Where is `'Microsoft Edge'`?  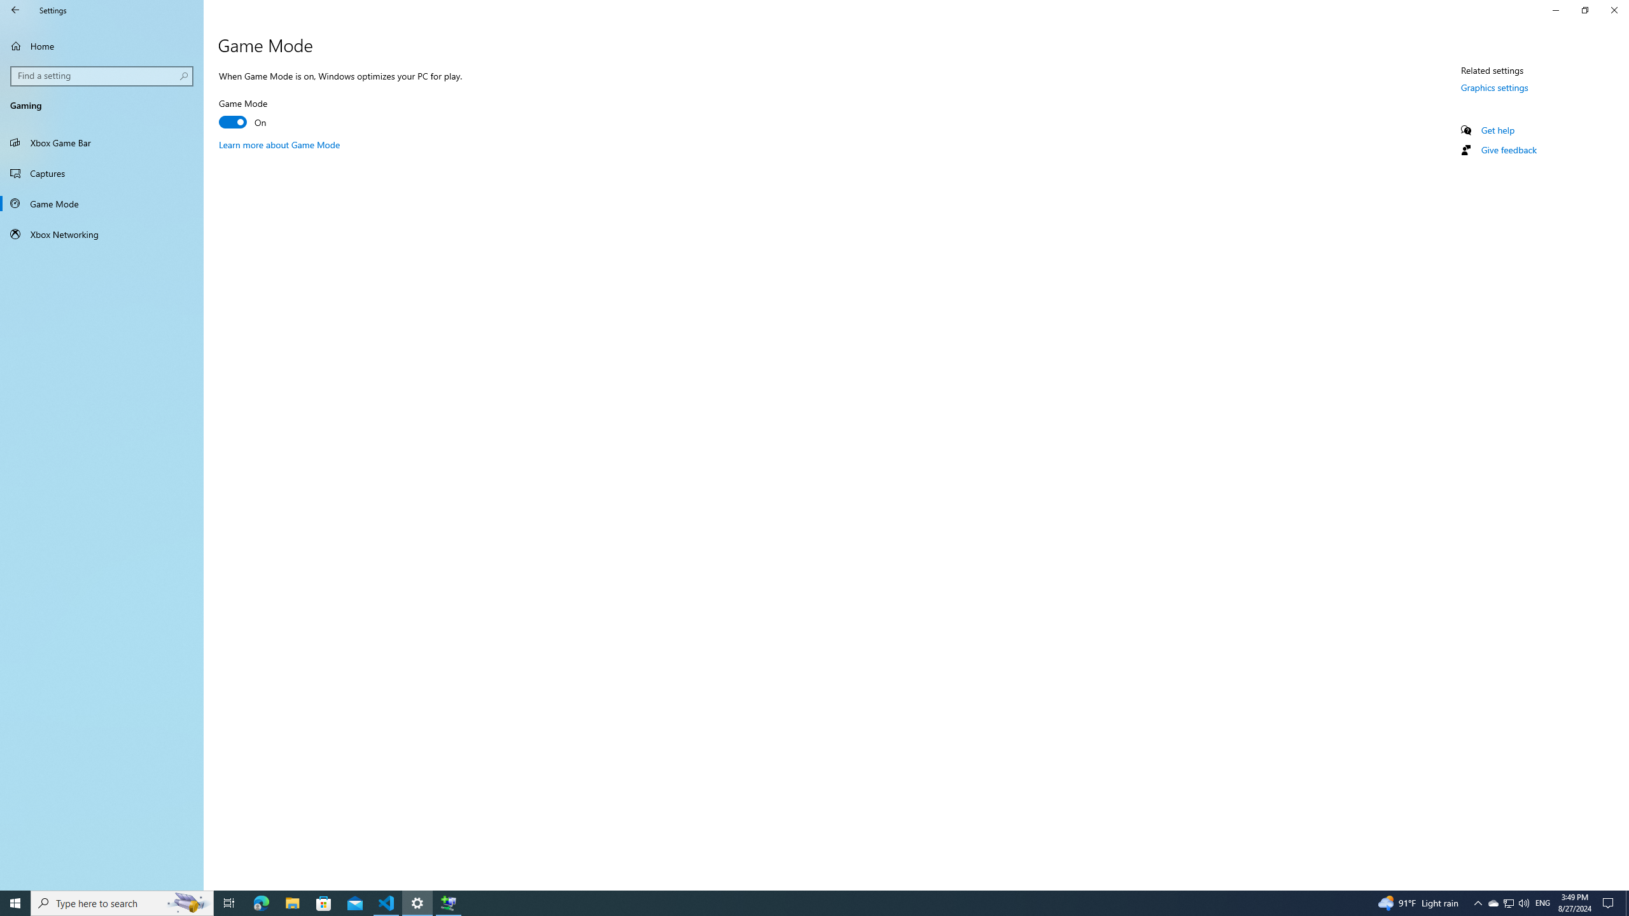
'Microsoft Edge' is located at coordinates (260, 902).